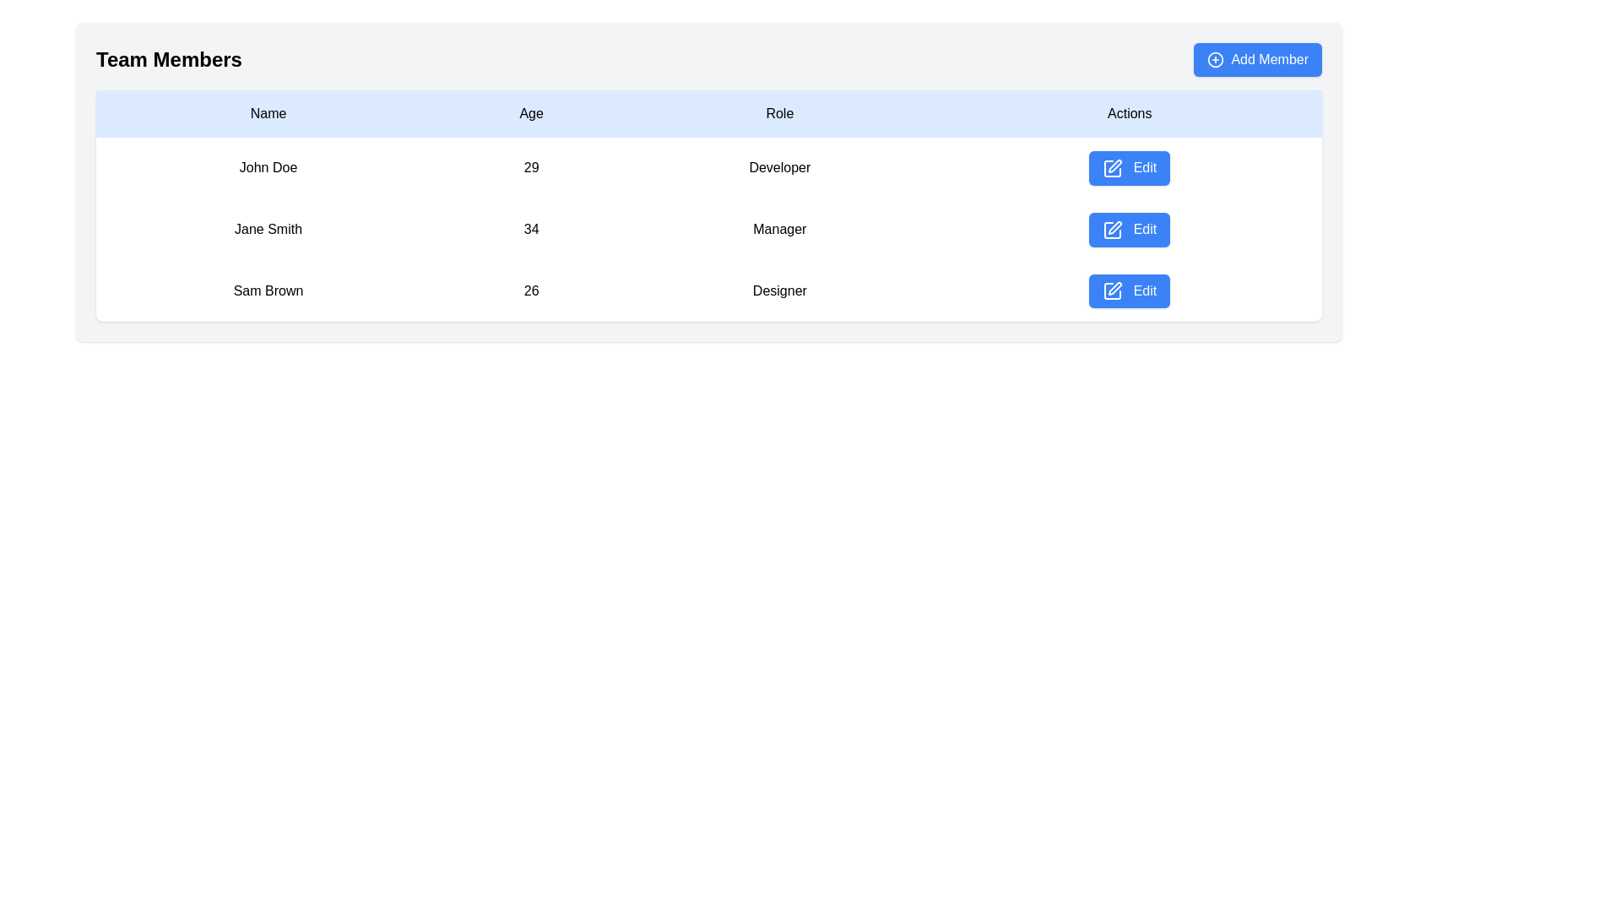 This screenshot has height=912, width=1621. Describe the element at coordinates (1115, 166) in the screenshot. I see `accessible properties of the Edit icon located in the top-right area of the first row of the table` at that location.